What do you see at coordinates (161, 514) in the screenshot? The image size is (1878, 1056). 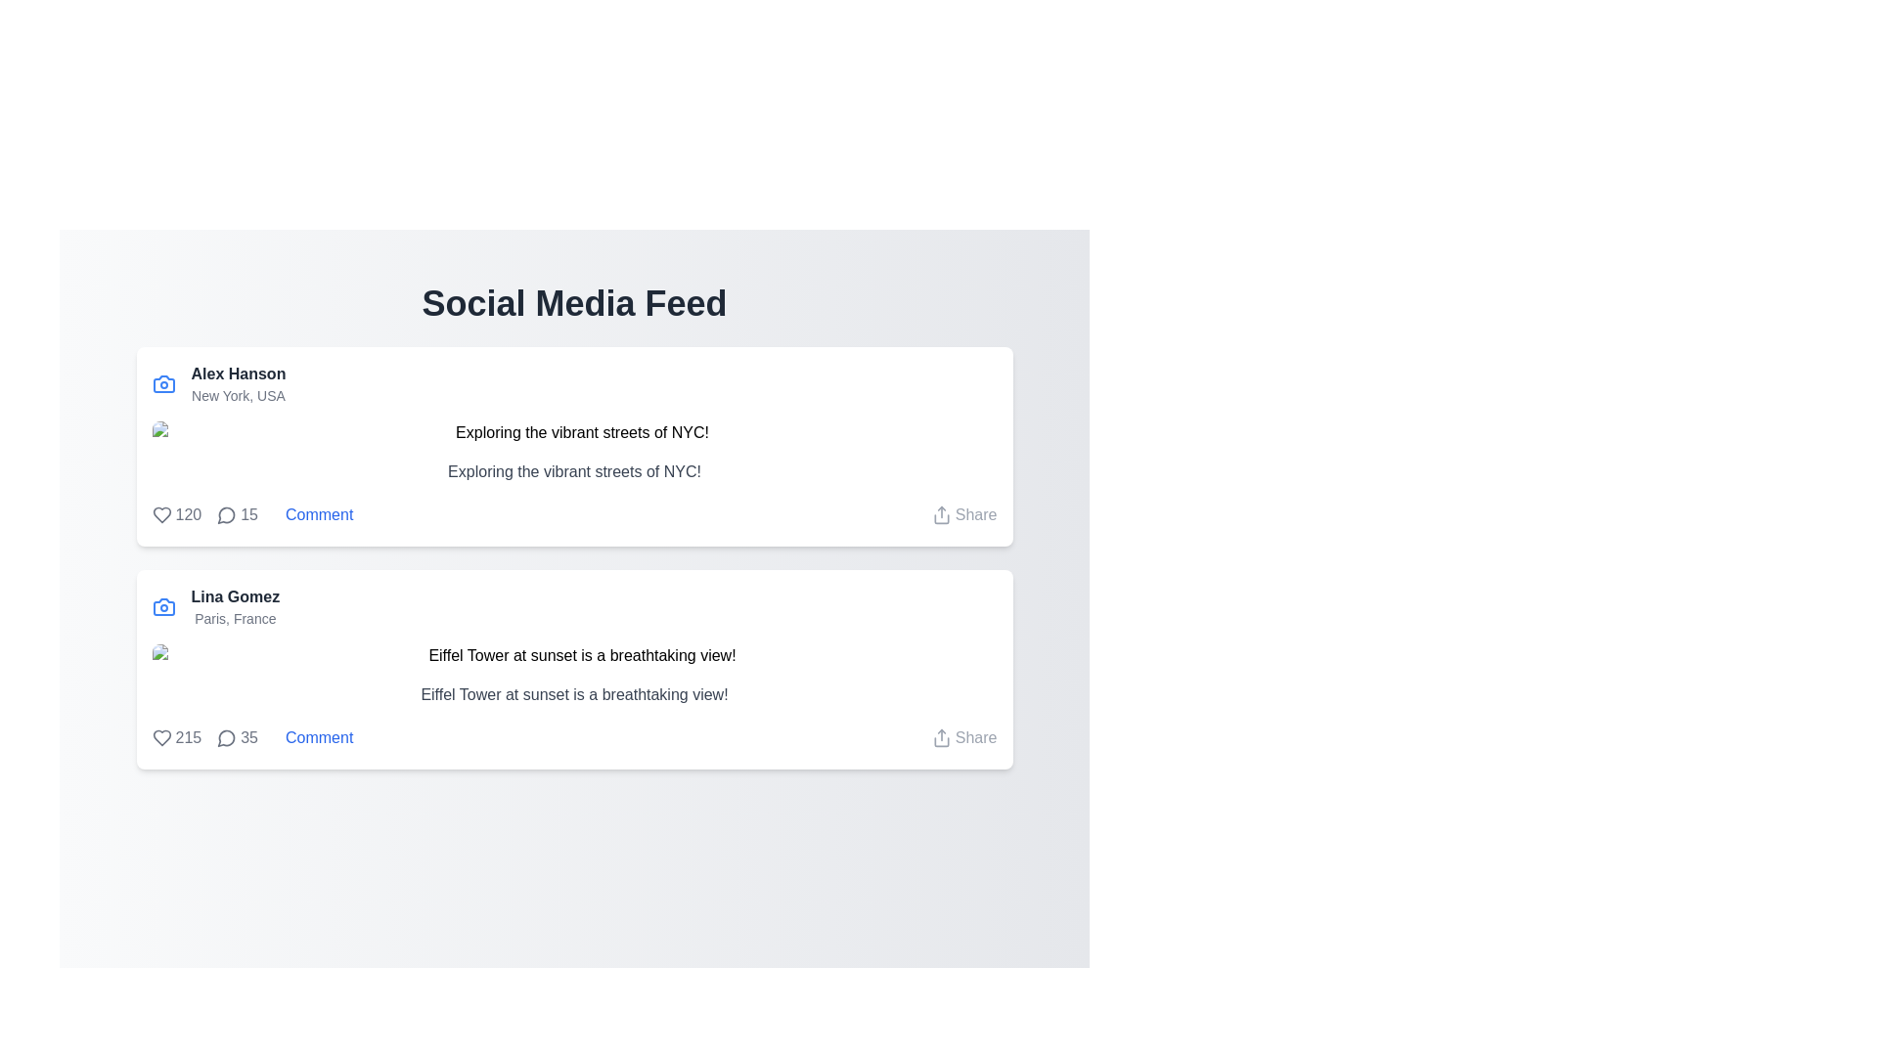 I see `the heart icon, which is an outlined shape with rounded corners, positioned next to the number '120' in the like-count display` at bounding box center [161, 514].